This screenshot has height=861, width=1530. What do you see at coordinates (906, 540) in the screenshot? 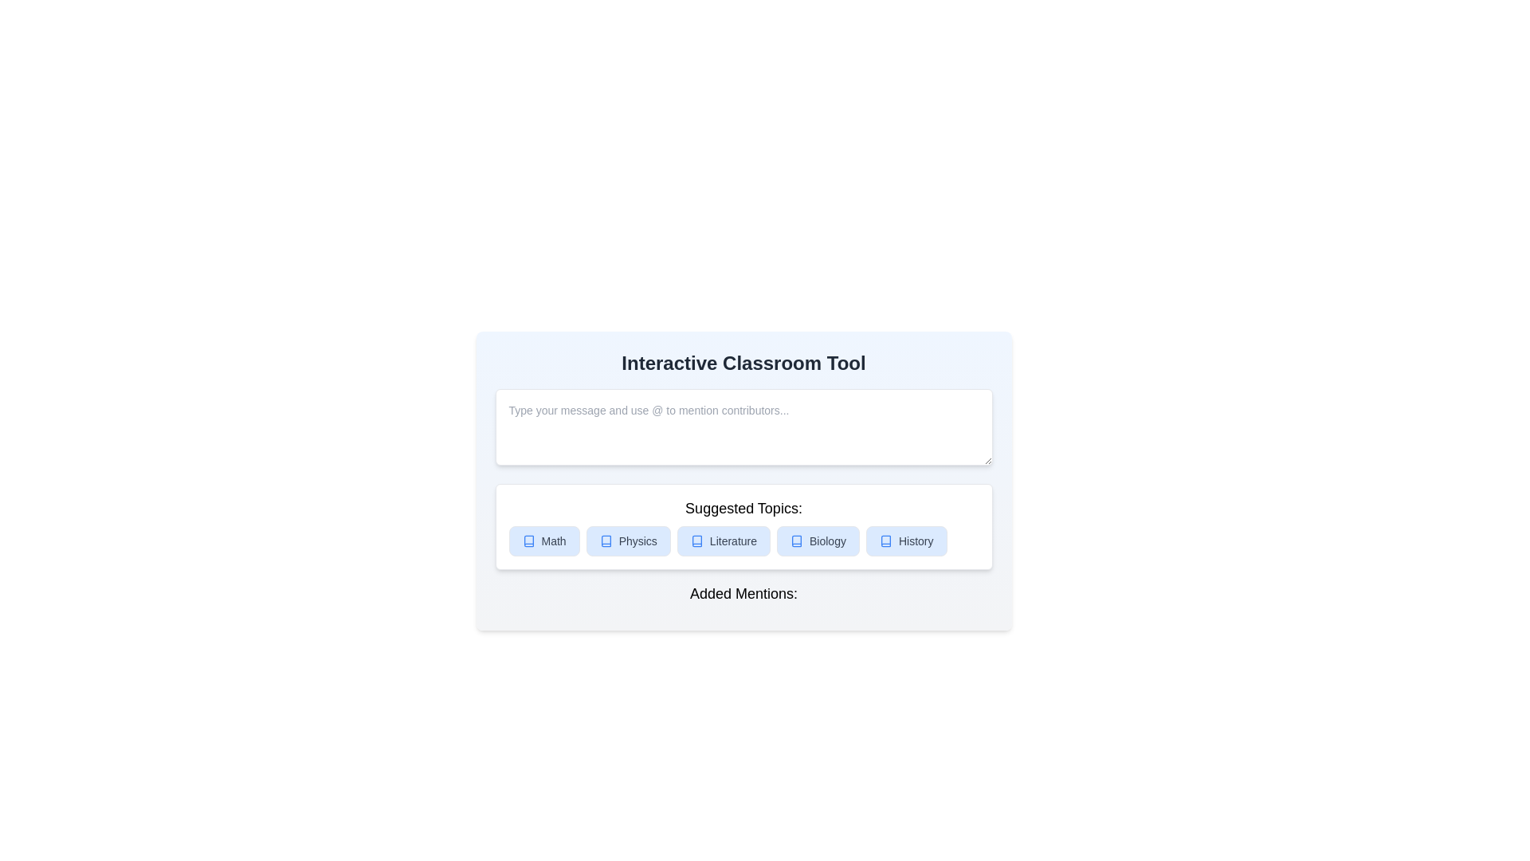
I see `the 'History' button, which is the fifth button` at bounding box center [906, 540].